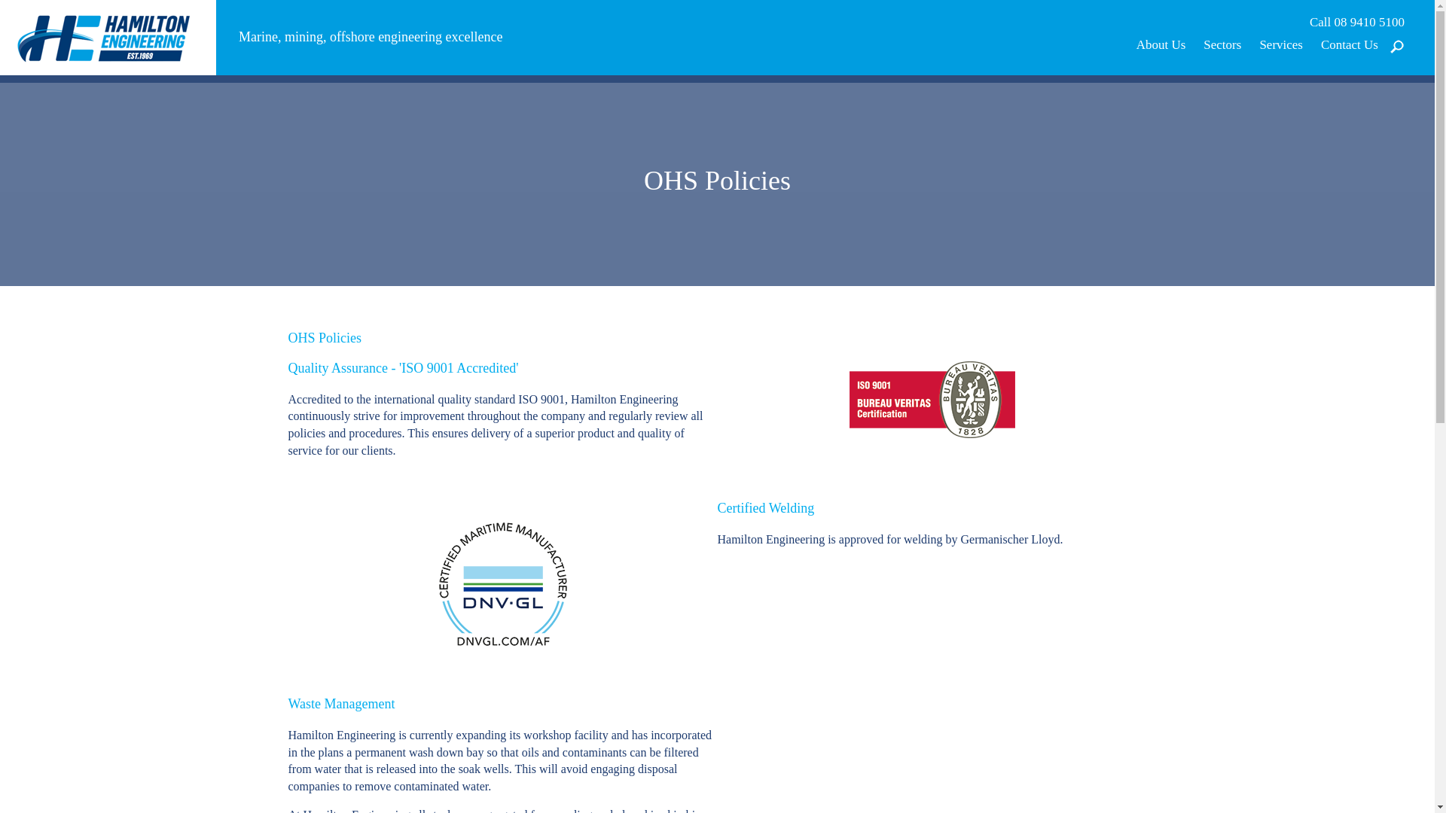 Image resolution: width=1446 pixels, height=813 pixels. Describe the element at coordinates (1365, 115) in the screenshot. I see `'Search'` at that location.